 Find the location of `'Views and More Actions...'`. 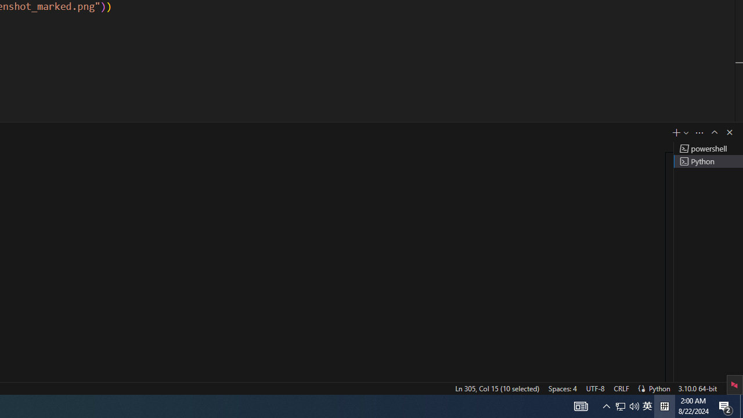

'Views and More Actions...' is located at coordinates (699, 132).